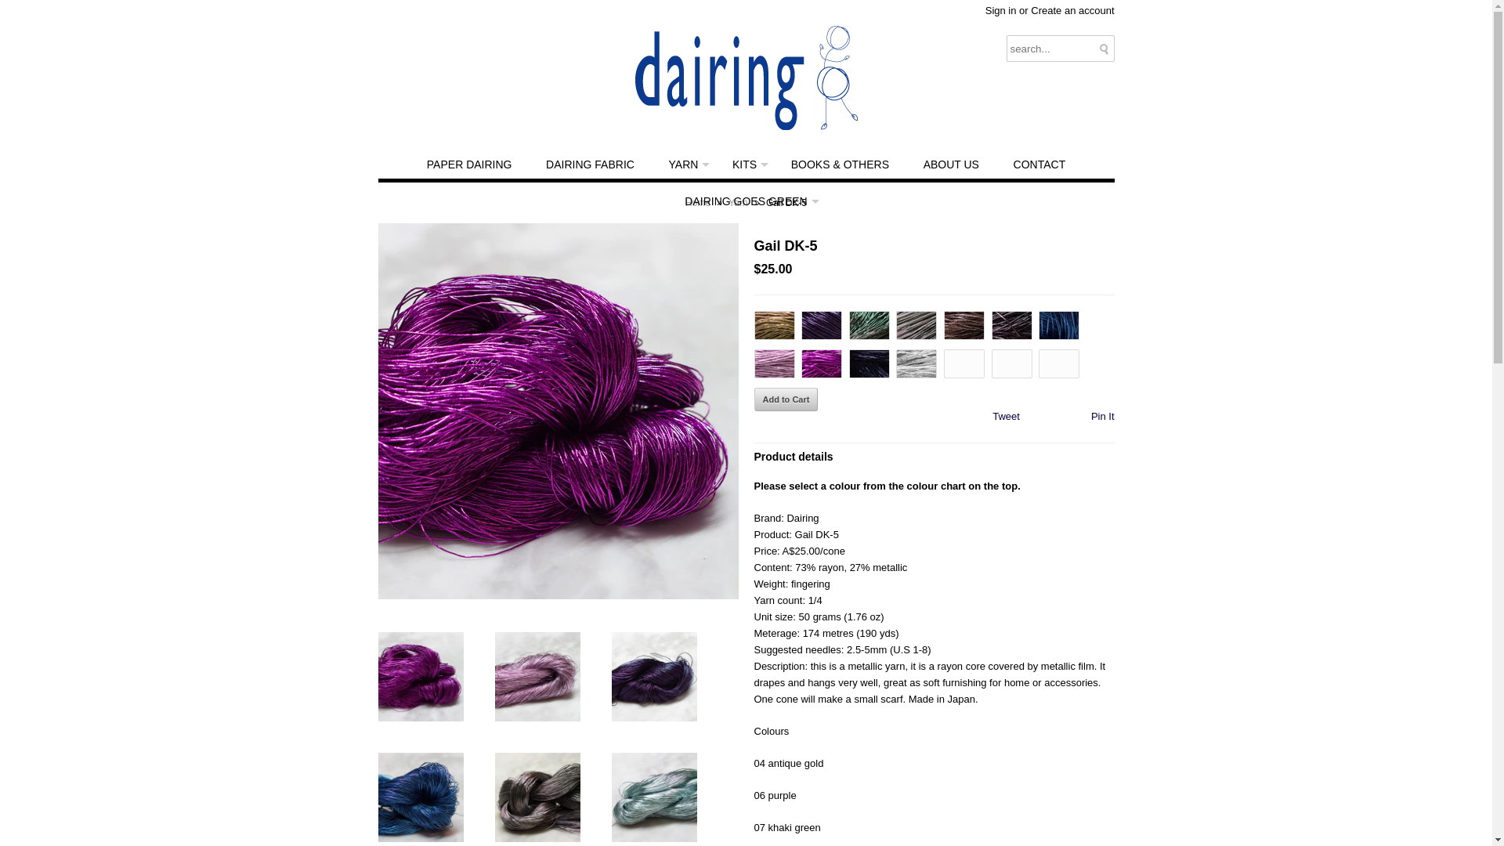 The height and width of the screenshot is (846, 1504). What do you see at coordinates (1101, 415) in the screenshot?
I see `'Pin It'` at bounding box center [1101, 415].